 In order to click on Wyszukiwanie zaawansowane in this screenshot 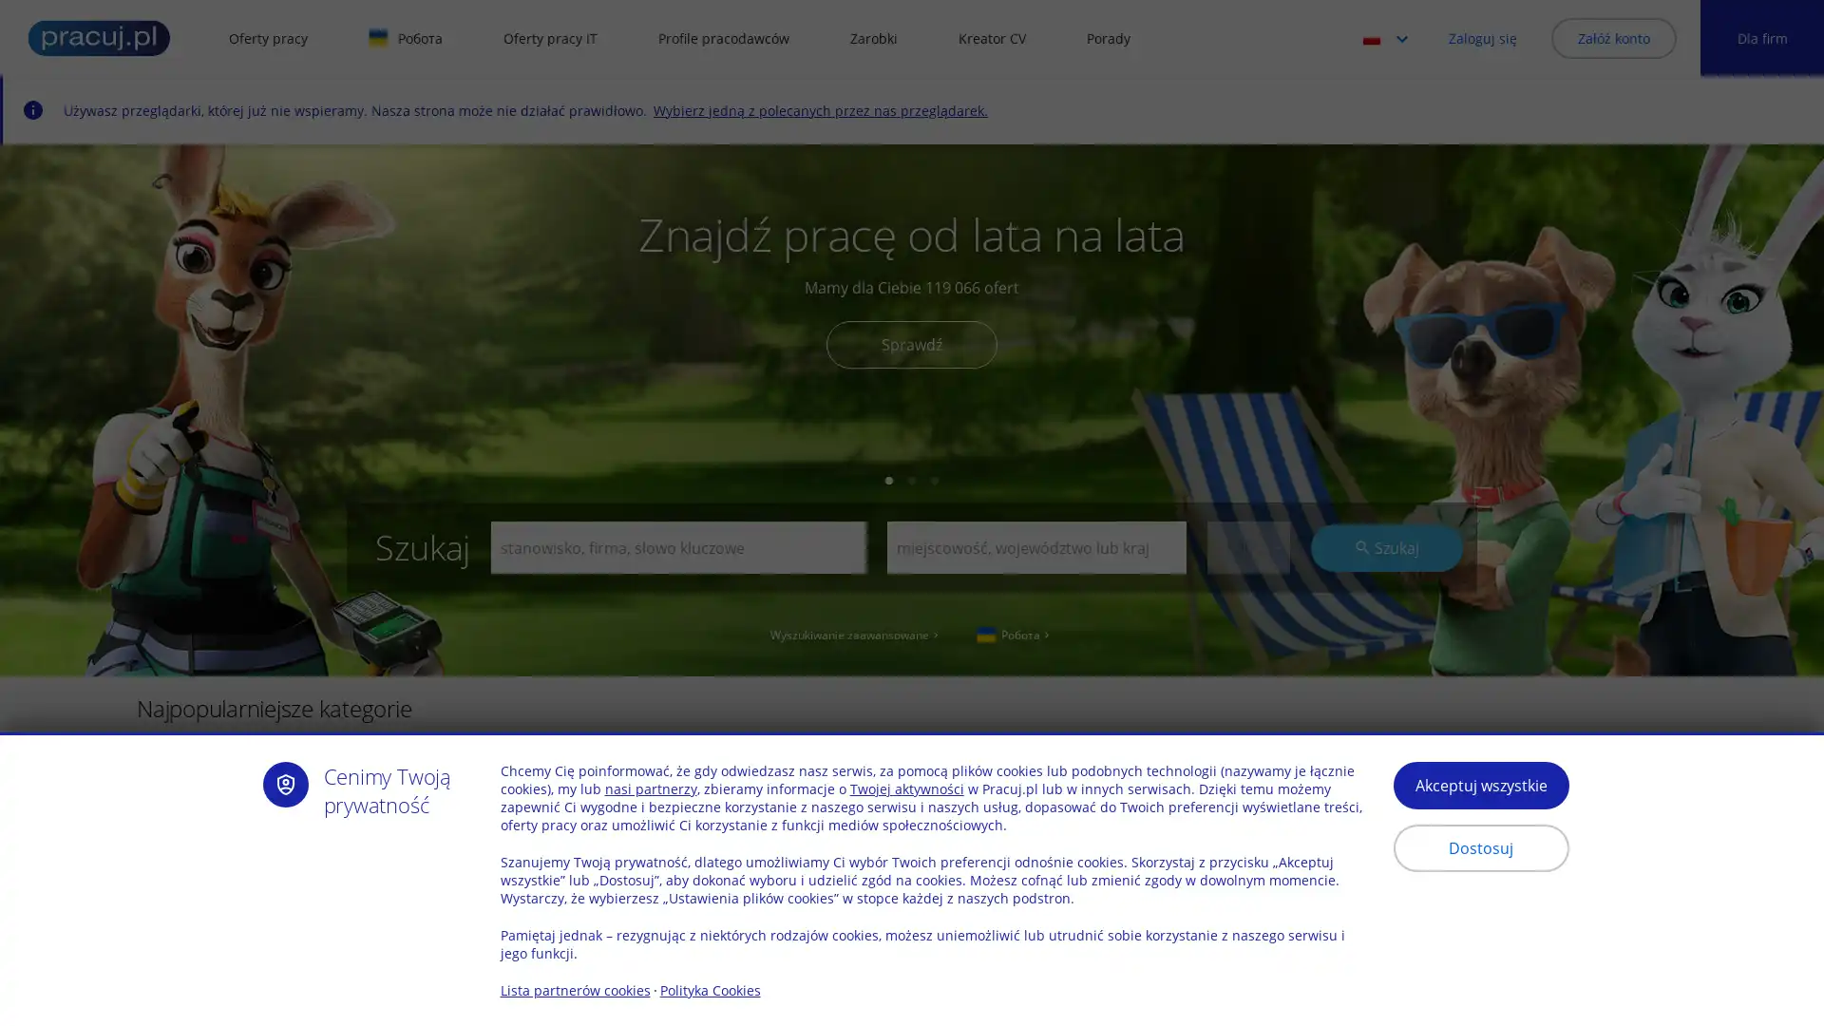, I will do `click(855, 634)`.